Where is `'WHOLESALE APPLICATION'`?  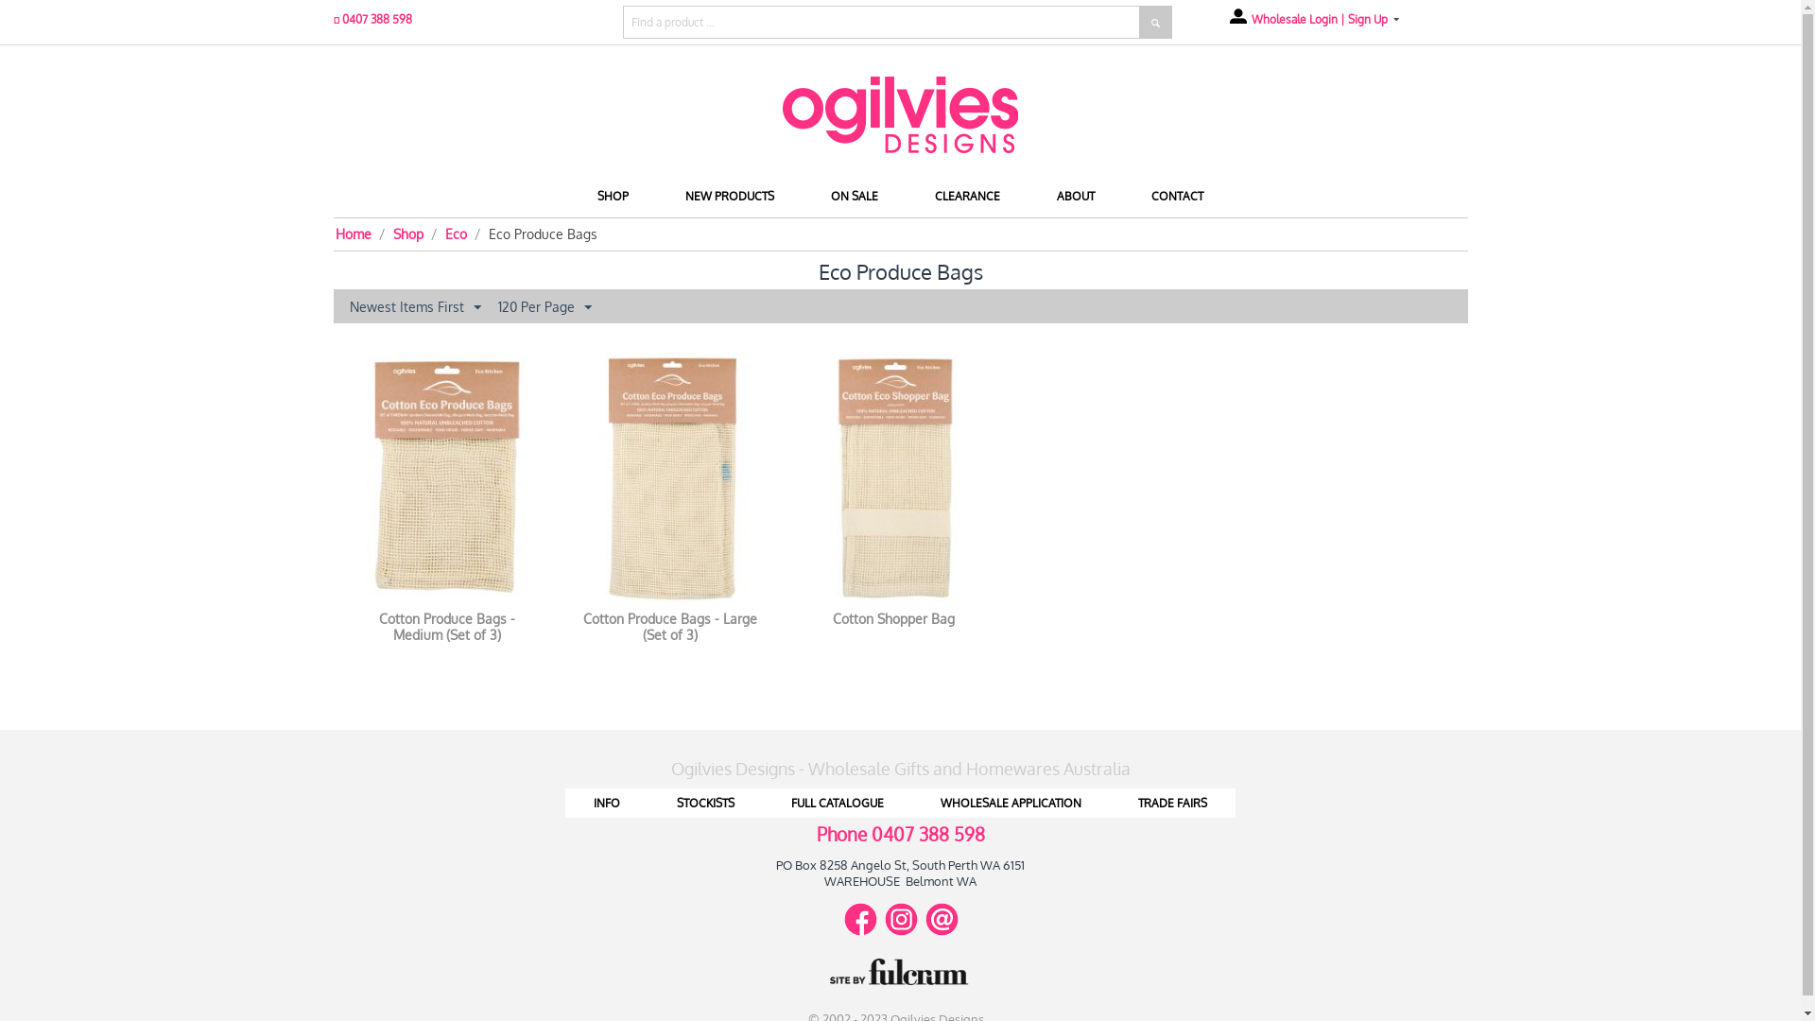
'WHOLESALE APPLICATION' is located at coordinates (1010, 803).